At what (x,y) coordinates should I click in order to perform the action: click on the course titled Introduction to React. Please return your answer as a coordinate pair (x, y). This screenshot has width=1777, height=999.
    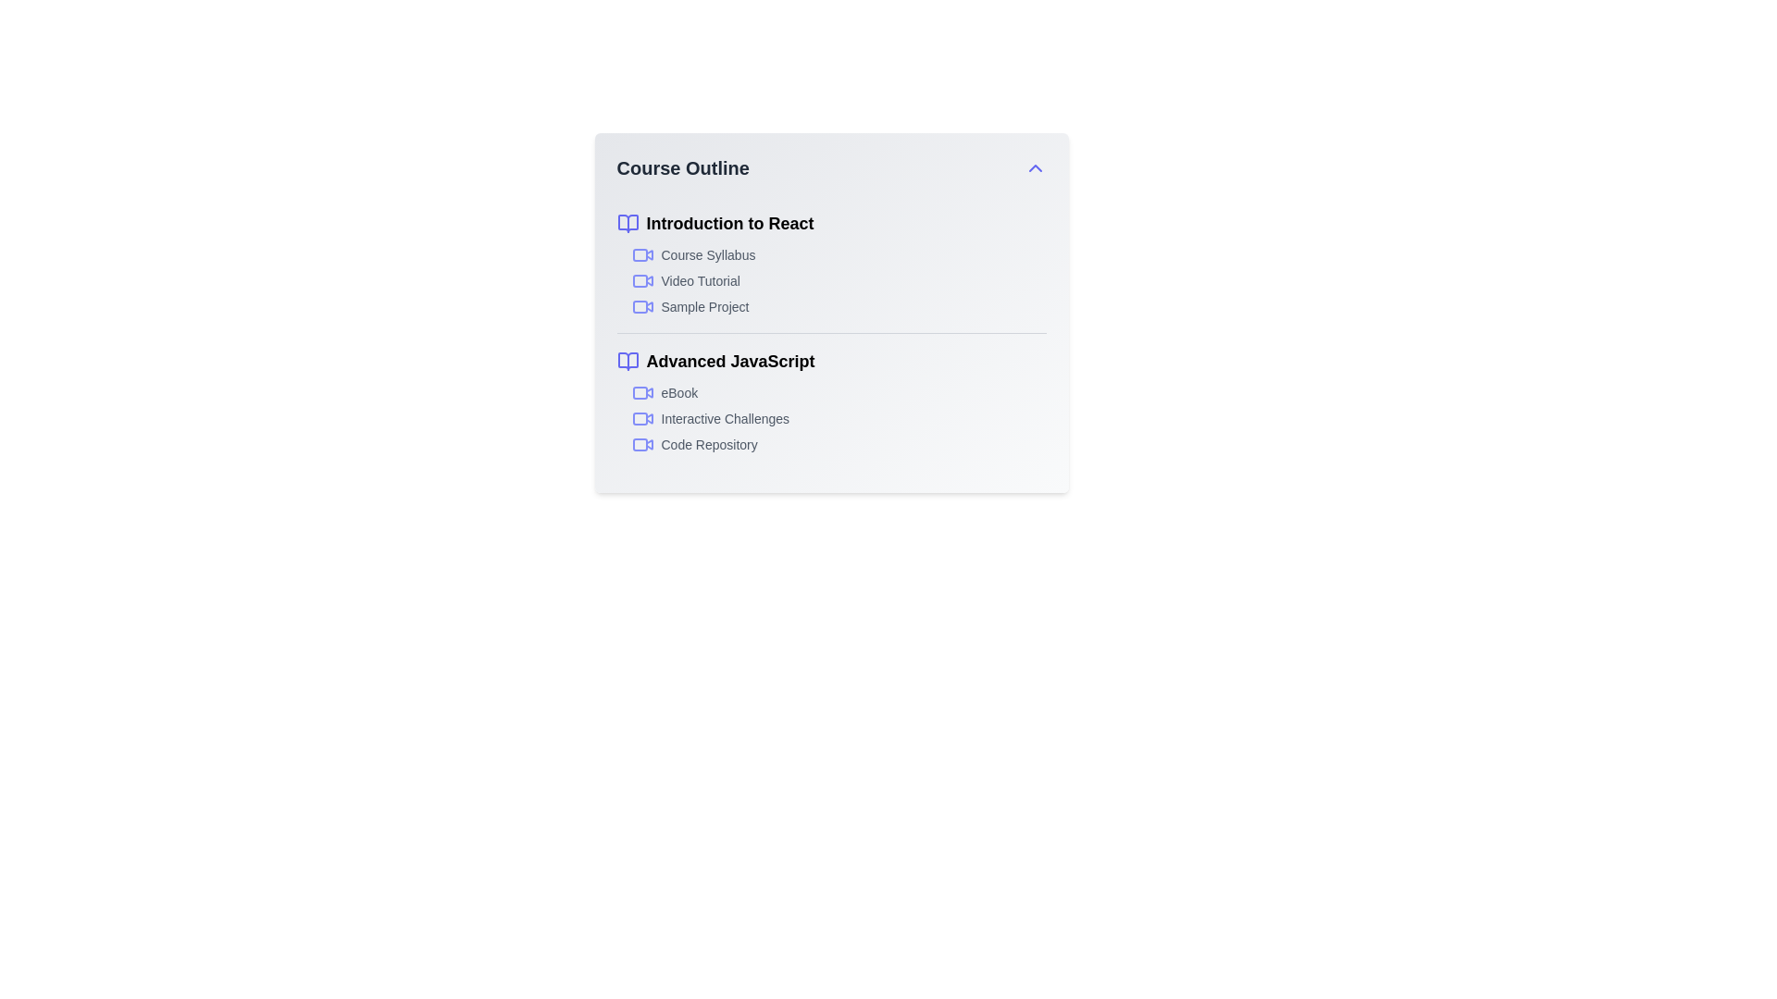
    Looking at the image, I should click on (830, 223).